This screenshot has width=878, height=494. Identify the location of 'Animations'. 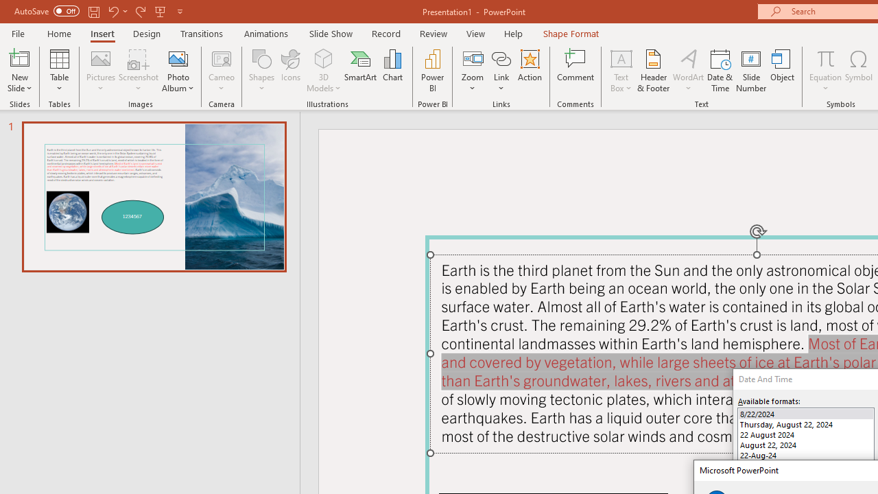
(266, 33).